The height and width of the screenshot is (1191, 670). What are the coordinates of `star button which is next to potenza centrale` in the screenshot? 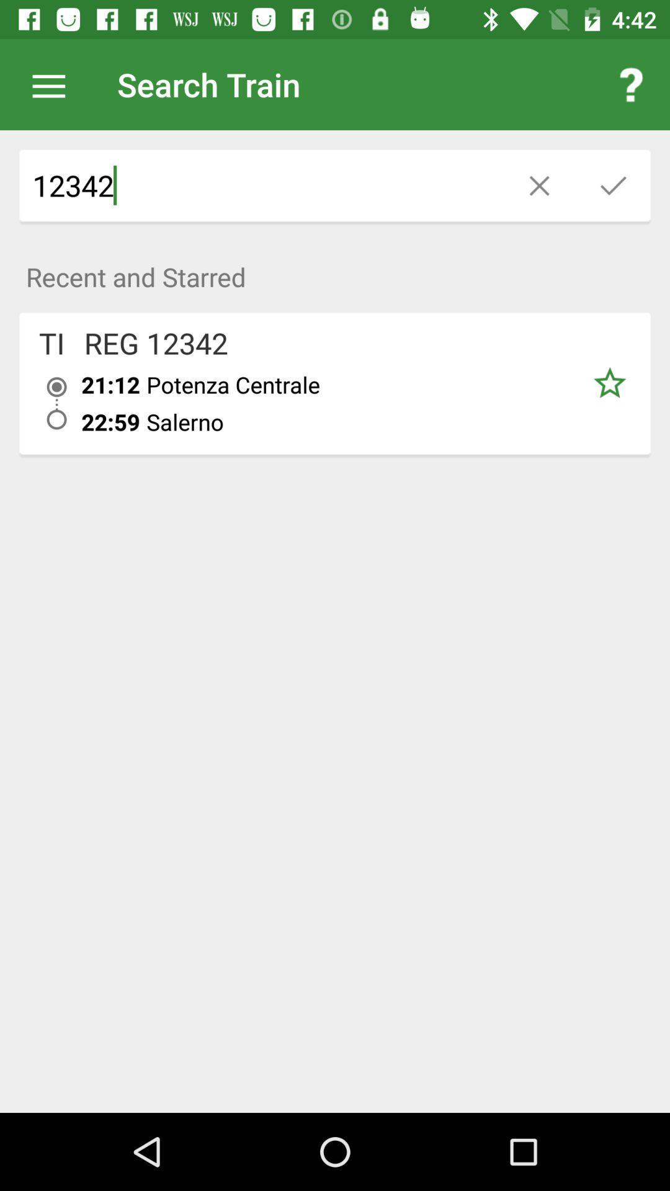 It's located at (609, 383).